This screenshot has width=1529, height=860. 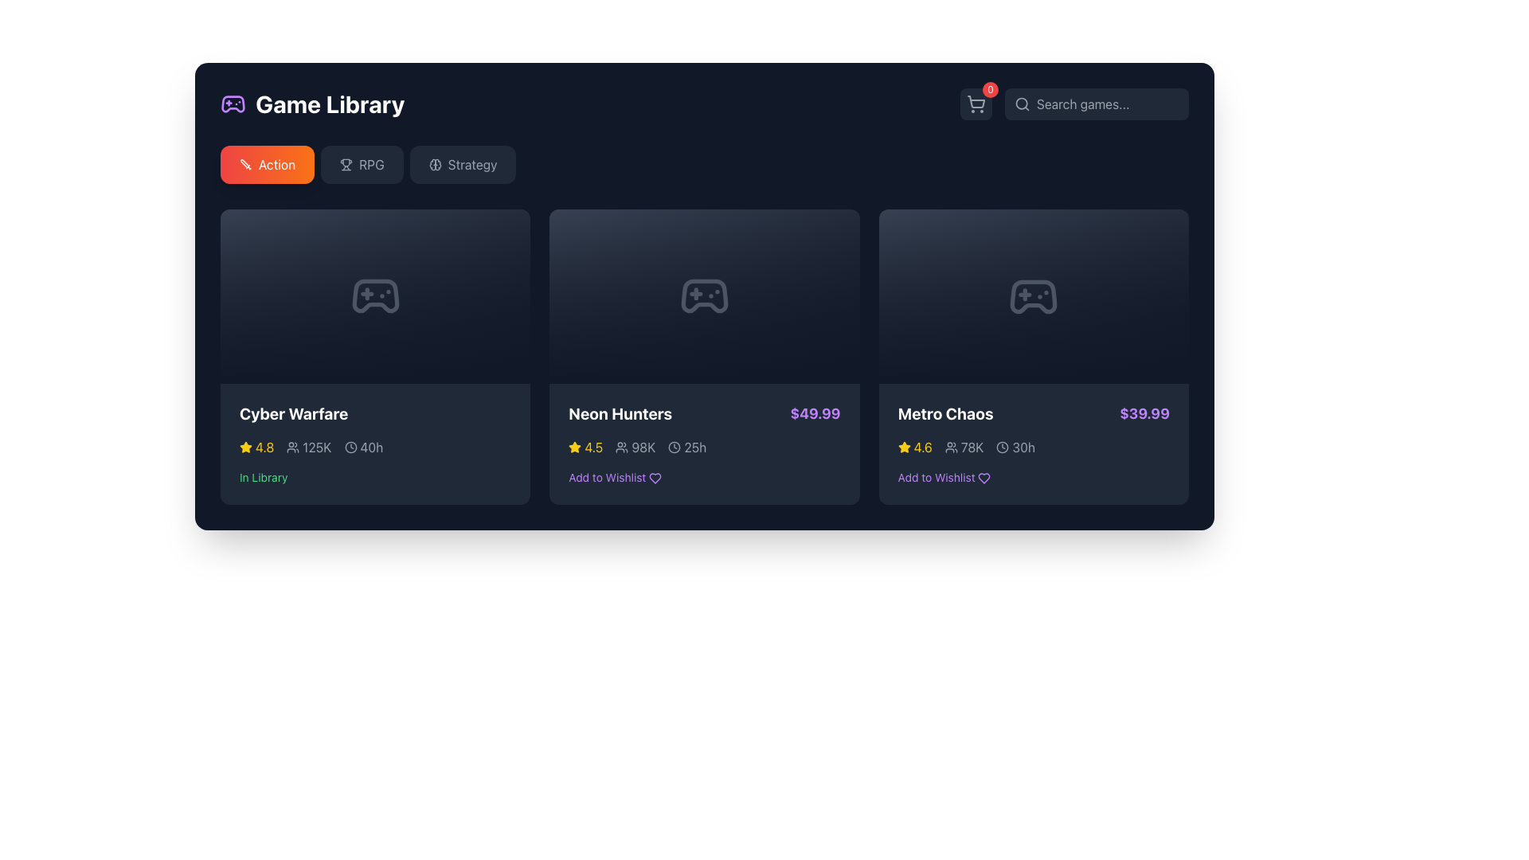 I want to click on the heart-shaped icon for adding items to the wishlist, which is located to the left of the 'Add to Wishlist' text in the card for the game 'Neon Hunters.', so click(x=655, y=478).